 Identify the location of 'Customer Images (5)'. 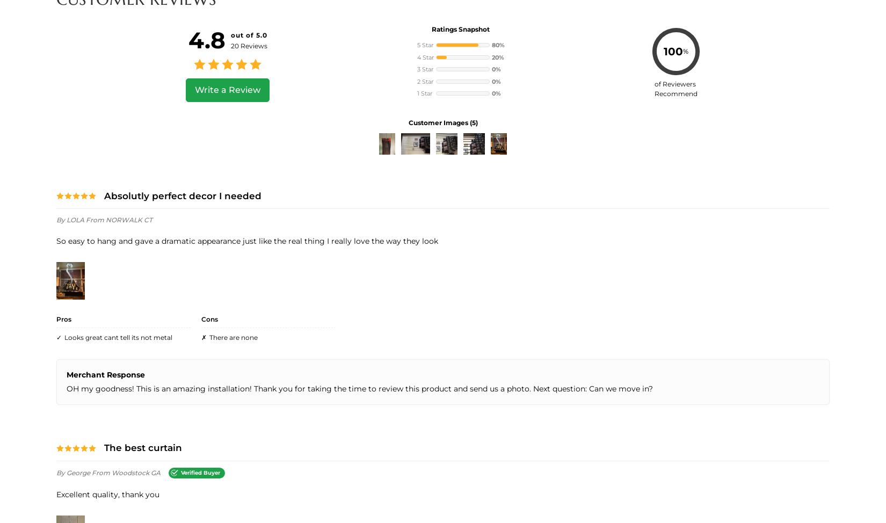
(442, 122).